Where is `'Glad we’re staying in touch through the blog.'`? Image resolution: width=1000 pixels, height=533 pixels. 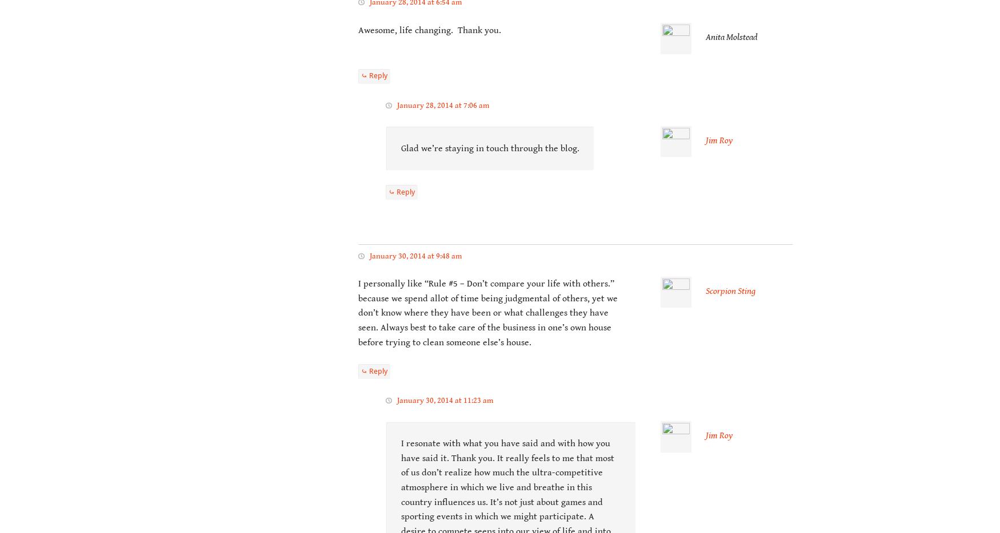 'Glad we’re staying in touch through the blog.' is located at coordinates (401, 148).